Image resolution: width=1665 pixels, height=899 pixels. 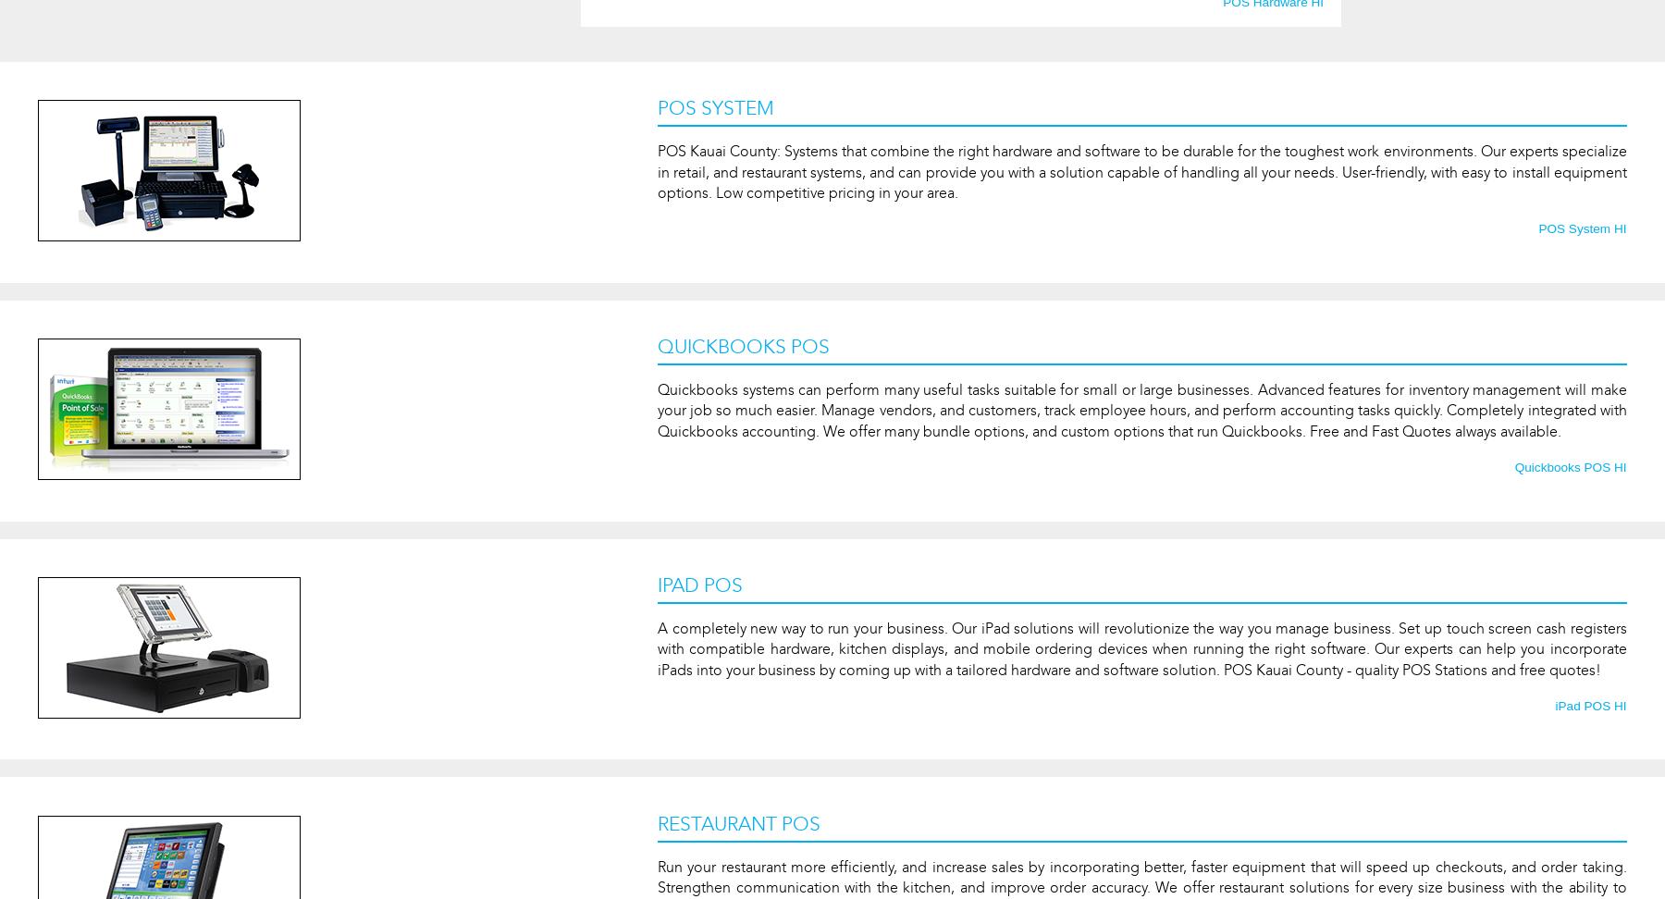 What do you see at coordinates (1141, 170) in the screenshot?
I see `'POS Kauai County:  Systems that combine the right hardware and software to be durable for the toughest work environments. Our experts specialize in retail, and restaurant systems, and can provide you with a solution capable of handling all your needs. User-friendly, with easy to install equipment options. Low competitive pricing in your area.'` at bounding box center [1141, 170].